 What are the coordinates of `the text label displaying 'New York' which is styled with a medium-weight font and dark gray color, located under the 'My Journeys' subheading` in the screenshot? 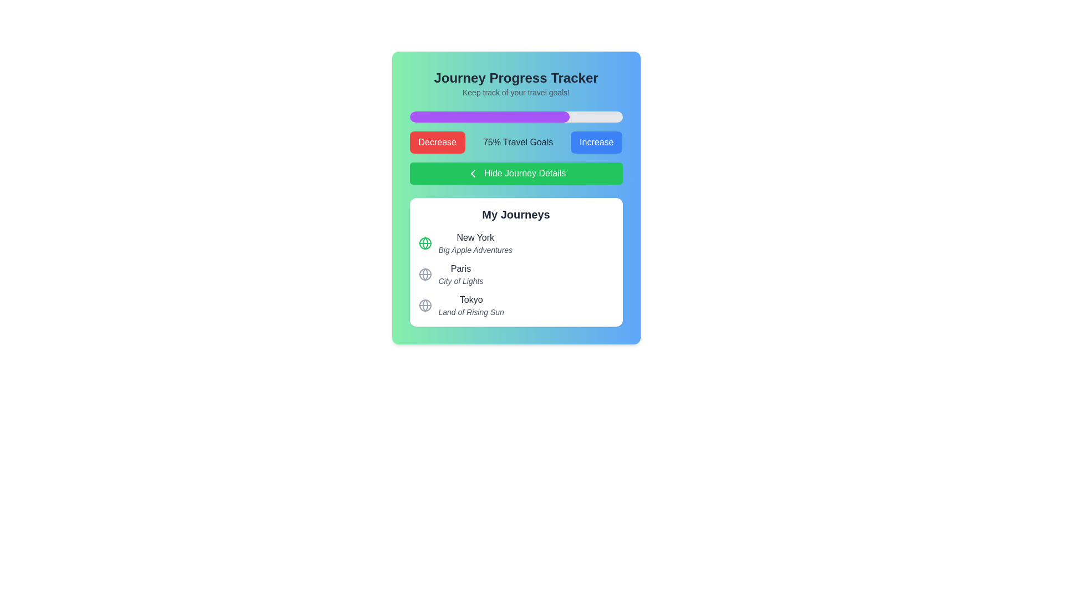 It's located at (475, 237).